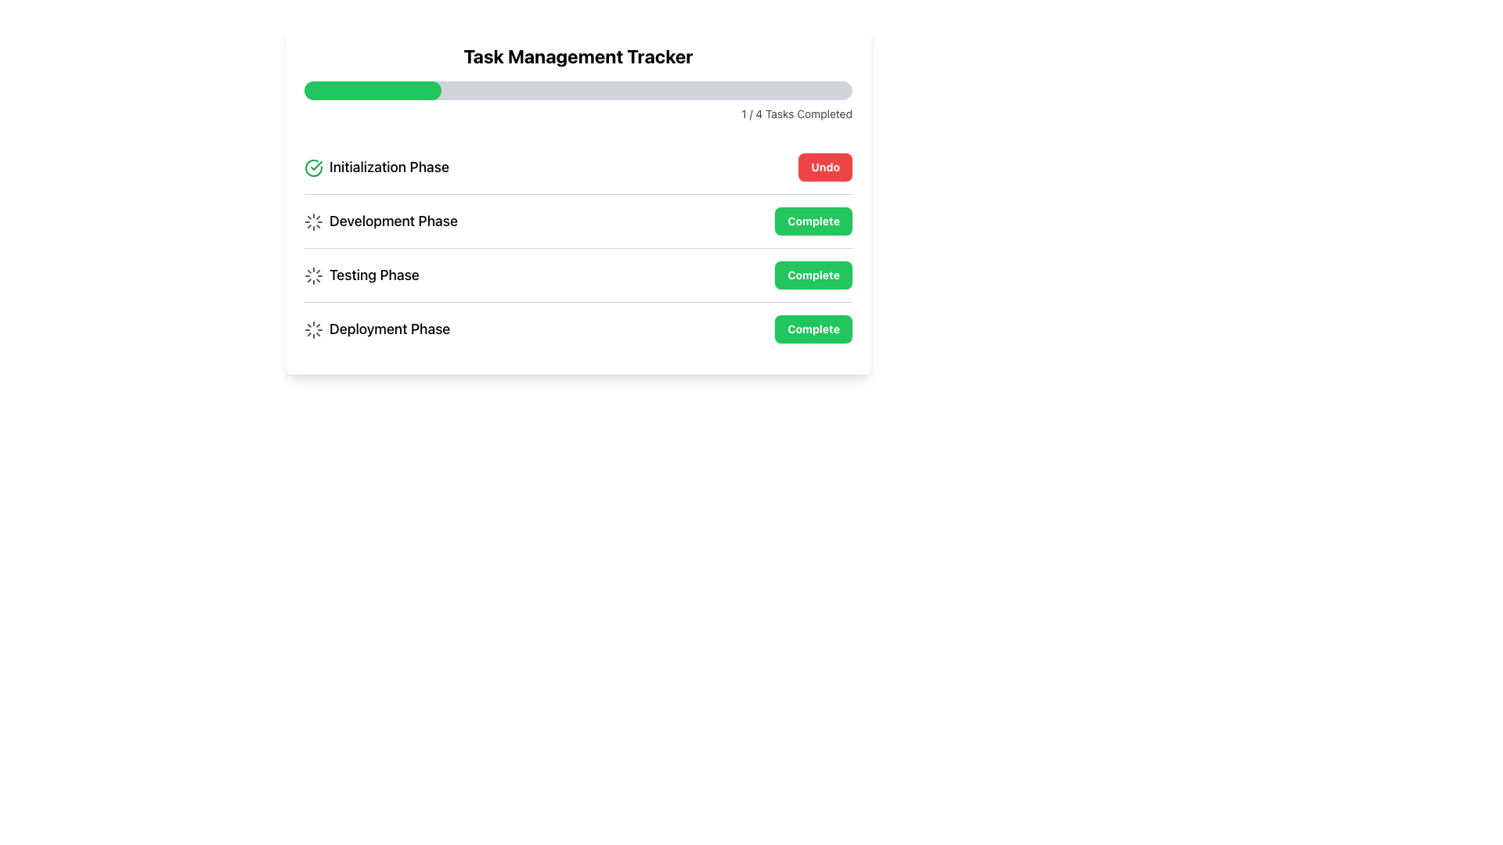 The width and height of the screenshot is (1503, 845). Describe the element at coordinates (813, 221) in the screenshot. I see `the button that marks the 'Development Phase' task as completed, located to the right of the 'Development Phase' label in the task list` at that location.